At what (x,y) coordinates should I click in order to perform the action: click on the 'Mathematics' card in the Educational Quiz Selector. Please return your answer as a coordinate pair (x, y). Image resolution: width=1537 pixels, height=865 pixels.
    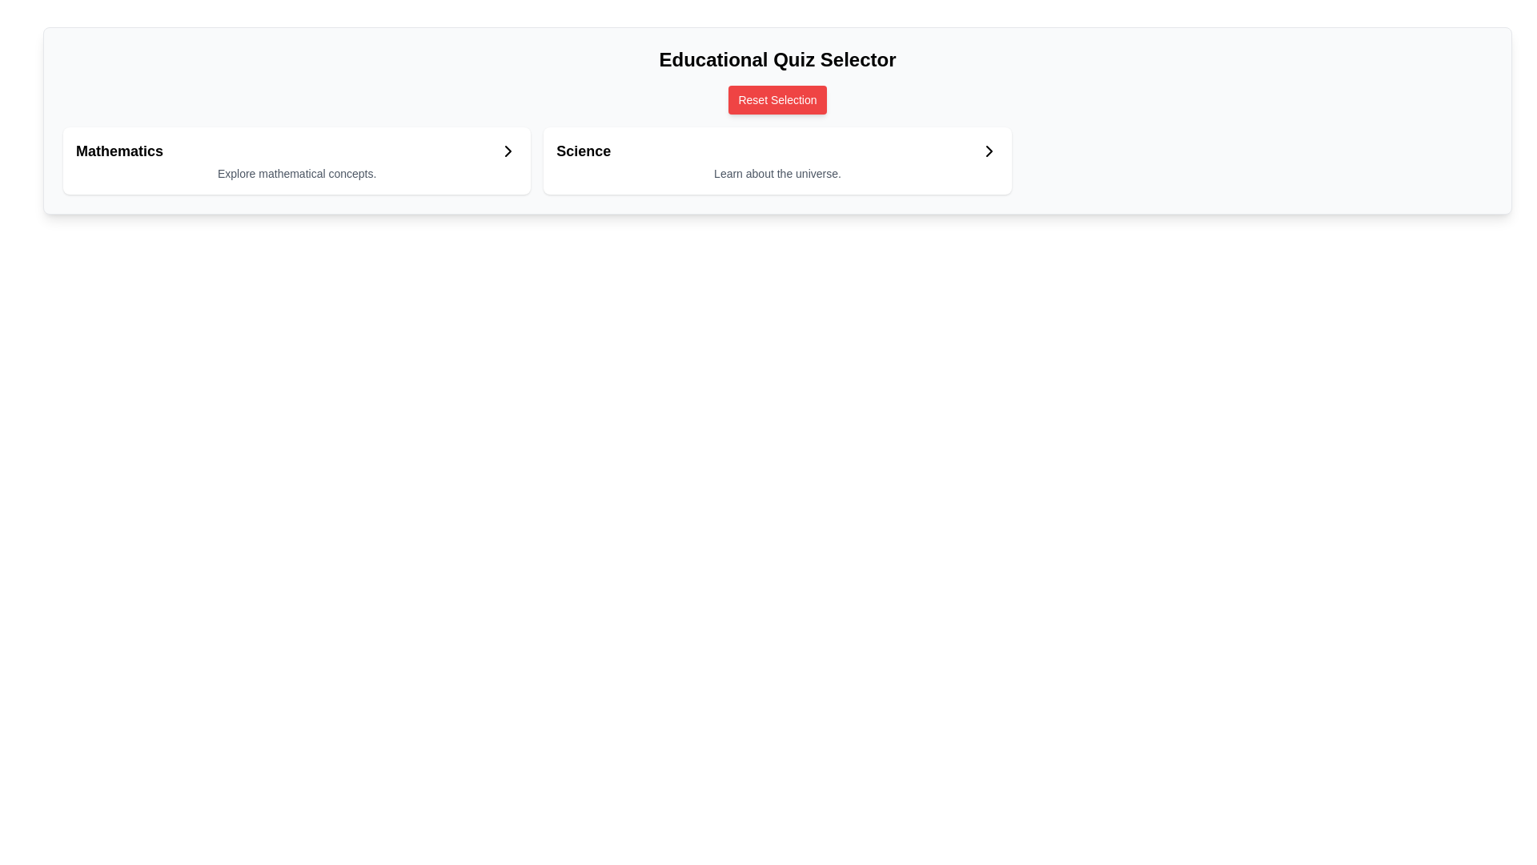
    Looking at the image, I should click on (297, 160).